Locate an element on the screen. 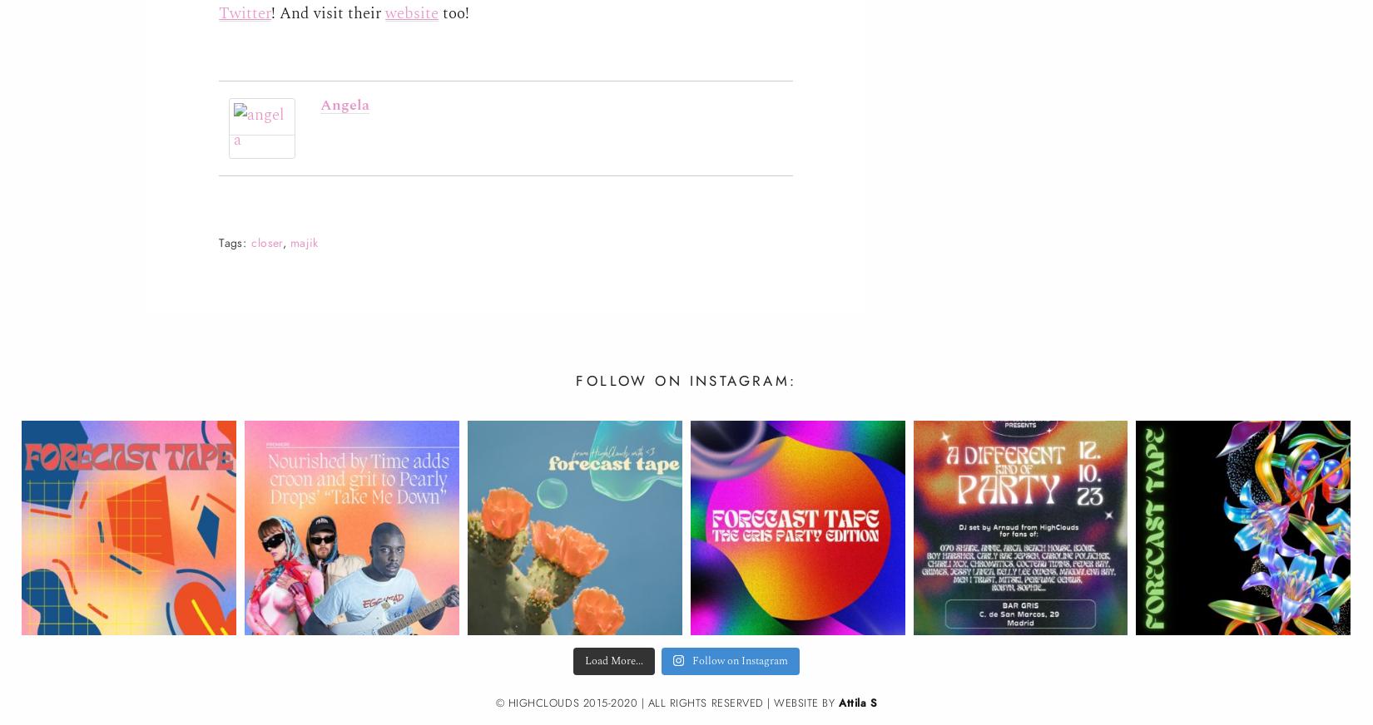  'Attila S' is located at coordinates (857, 703).